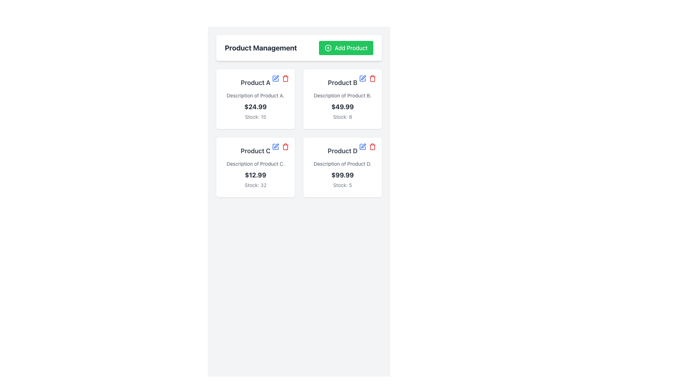 The image size is (682, 384). Describe the element at coordinates (363, 146) in the screenshot. I see `the blue pen icon in the top right corner of the 'Product D' card` at that location.